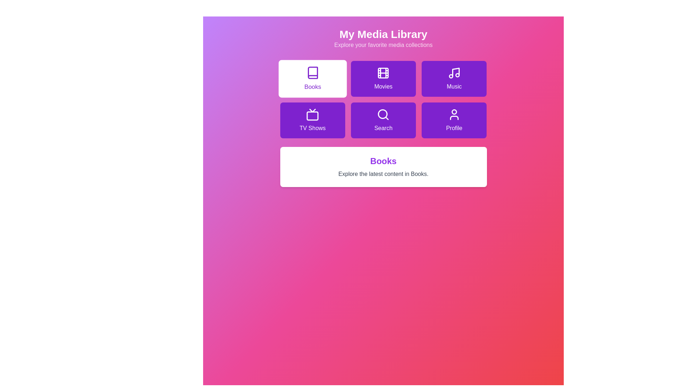 The width and height of the screenshot is (689, 387). Describe the element at coordinates (454, 117) in the screenshot. I see `the lower section of the profile icon, which is part of the 'Profile' button located in the bottom-right corner of the button grid` at that location.